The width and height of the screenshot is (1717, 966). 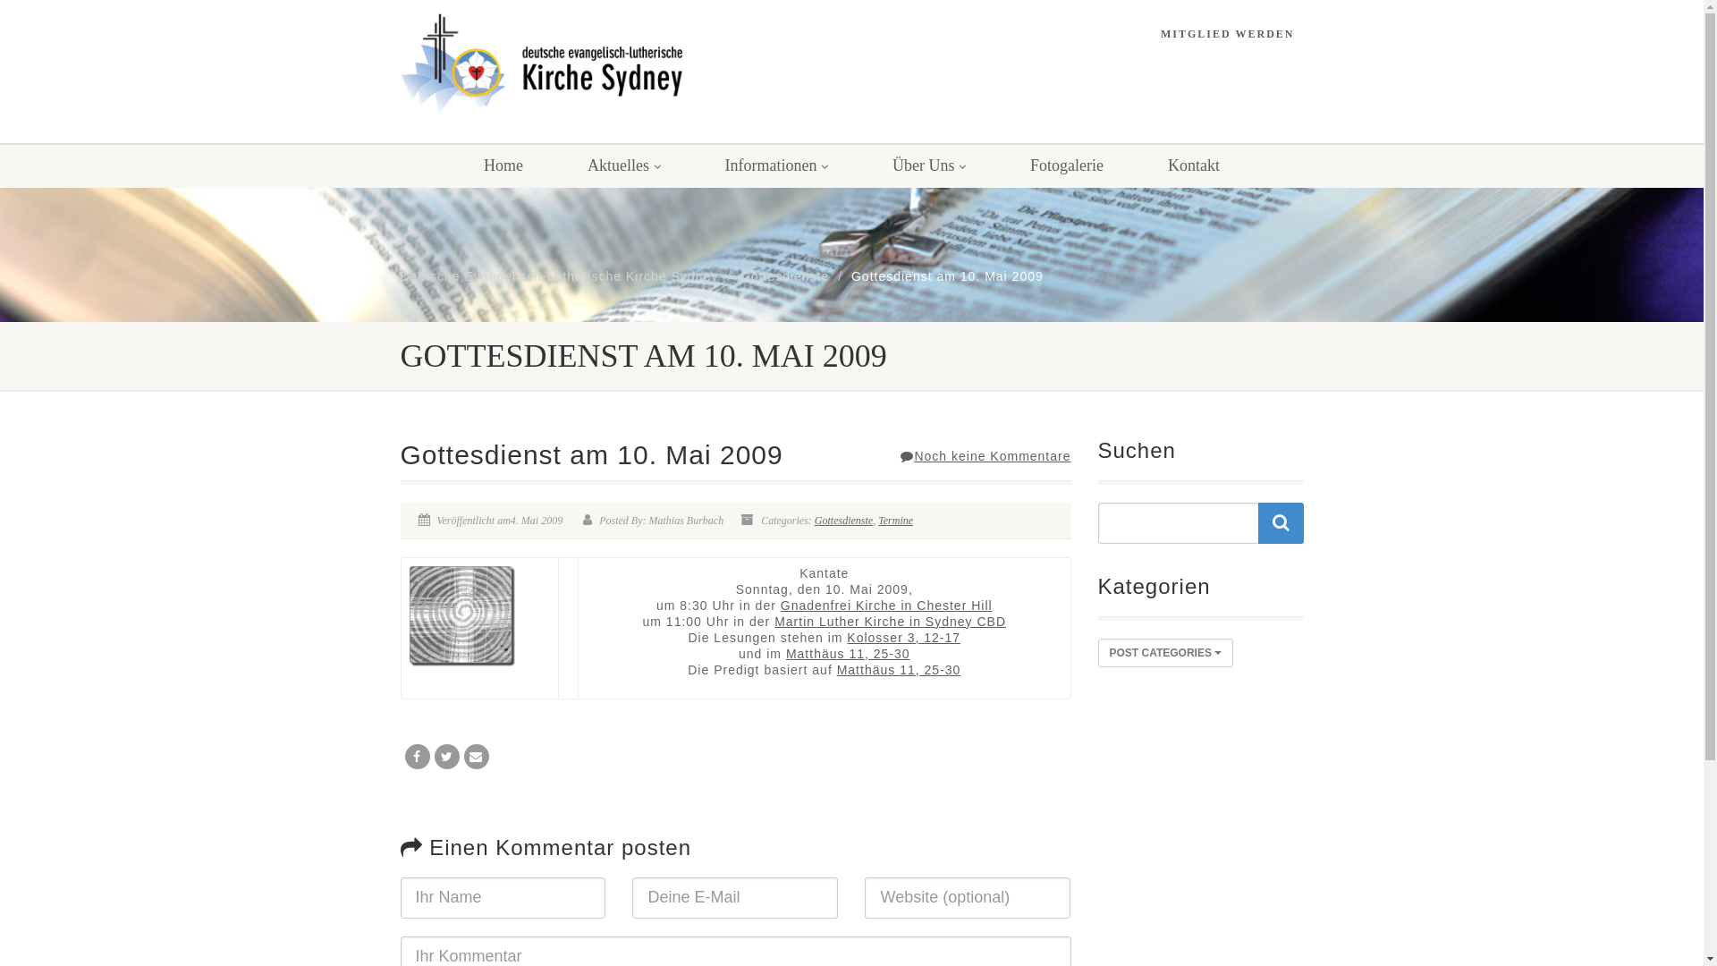 I want to click on 'Home', so click(x=502, y=165).